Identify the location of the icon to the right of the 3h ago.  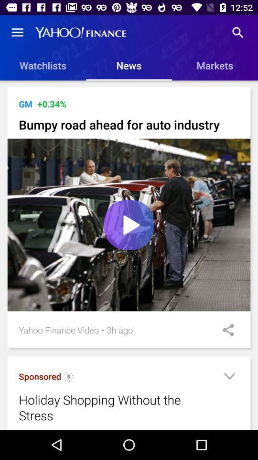
(225, 330).